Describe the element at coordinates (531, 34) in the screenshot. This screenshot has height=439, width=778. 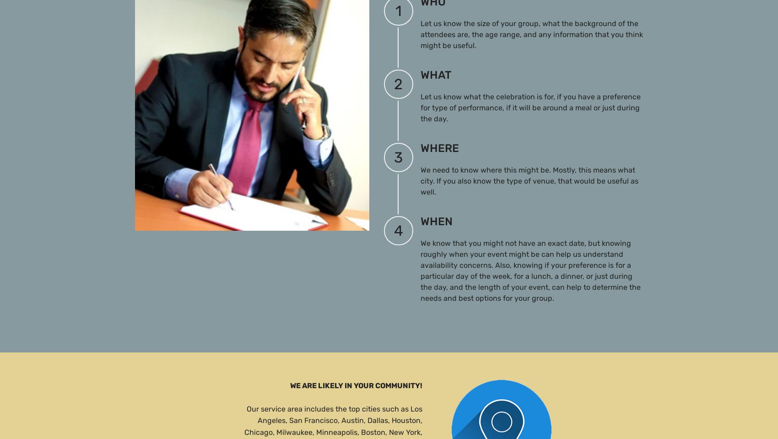
I see `'Let us know the size of your group, what the background of the attendees are, the age range, and any information that you think might be useful.'` at that location.